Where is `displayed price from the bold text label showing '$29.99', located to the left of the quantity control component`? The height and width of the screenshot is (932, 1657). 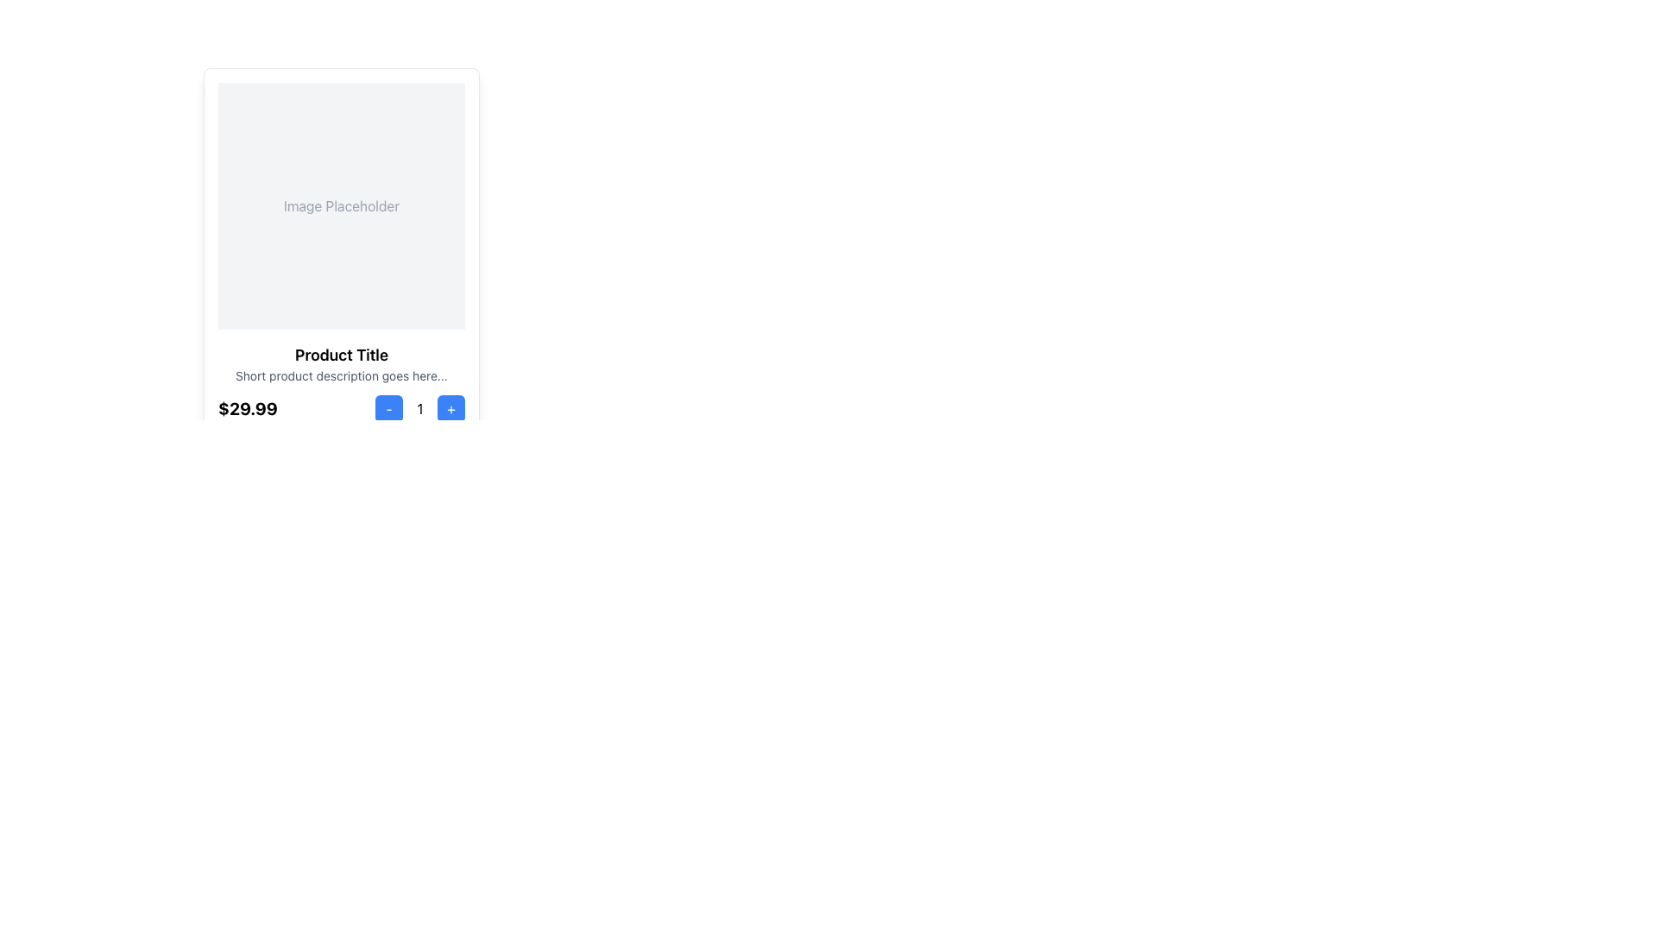 displayed price from the bold text label showing '$29.99', located to the left of the quantity control component is located at coordinates (247, 409).